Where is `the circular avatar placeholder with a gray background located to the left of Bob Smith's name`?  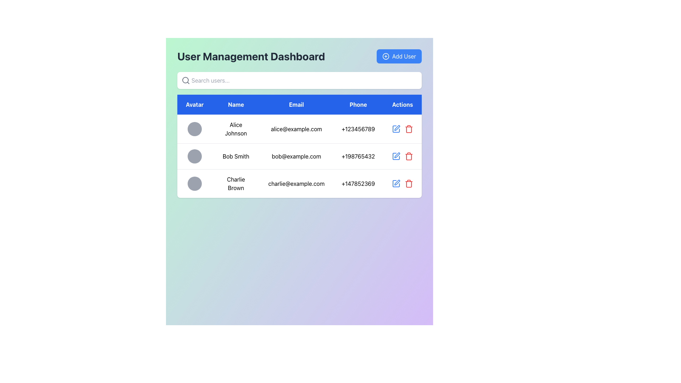 the circular avatar placeholder with a gray background located to the left of Bob Smith's name is located at coordinates (195, 156).